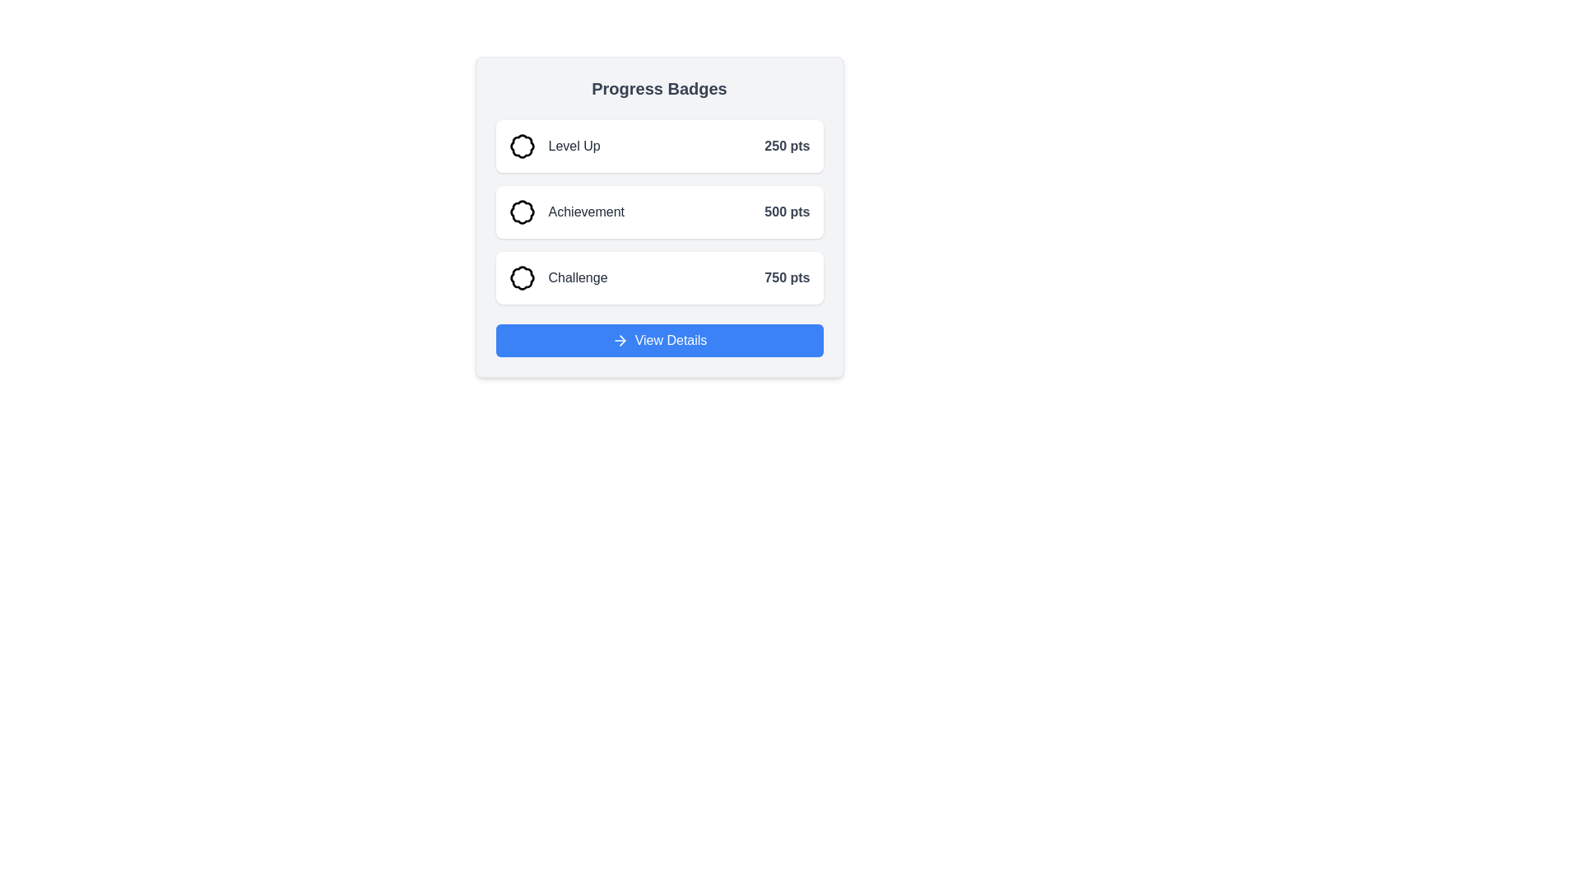  What do you see at coordinates (619, 339) in the screenshot?
I see `the arrow icon located to the left of the 'View Details' text inside the blue rounded-rectangular button to interpret its meaning` at bounding box center [619, 339].